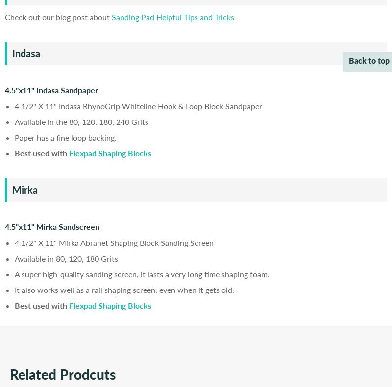 This screenshot has height=387, width=392. I want to click on 'Back to top', so click(369, 60).